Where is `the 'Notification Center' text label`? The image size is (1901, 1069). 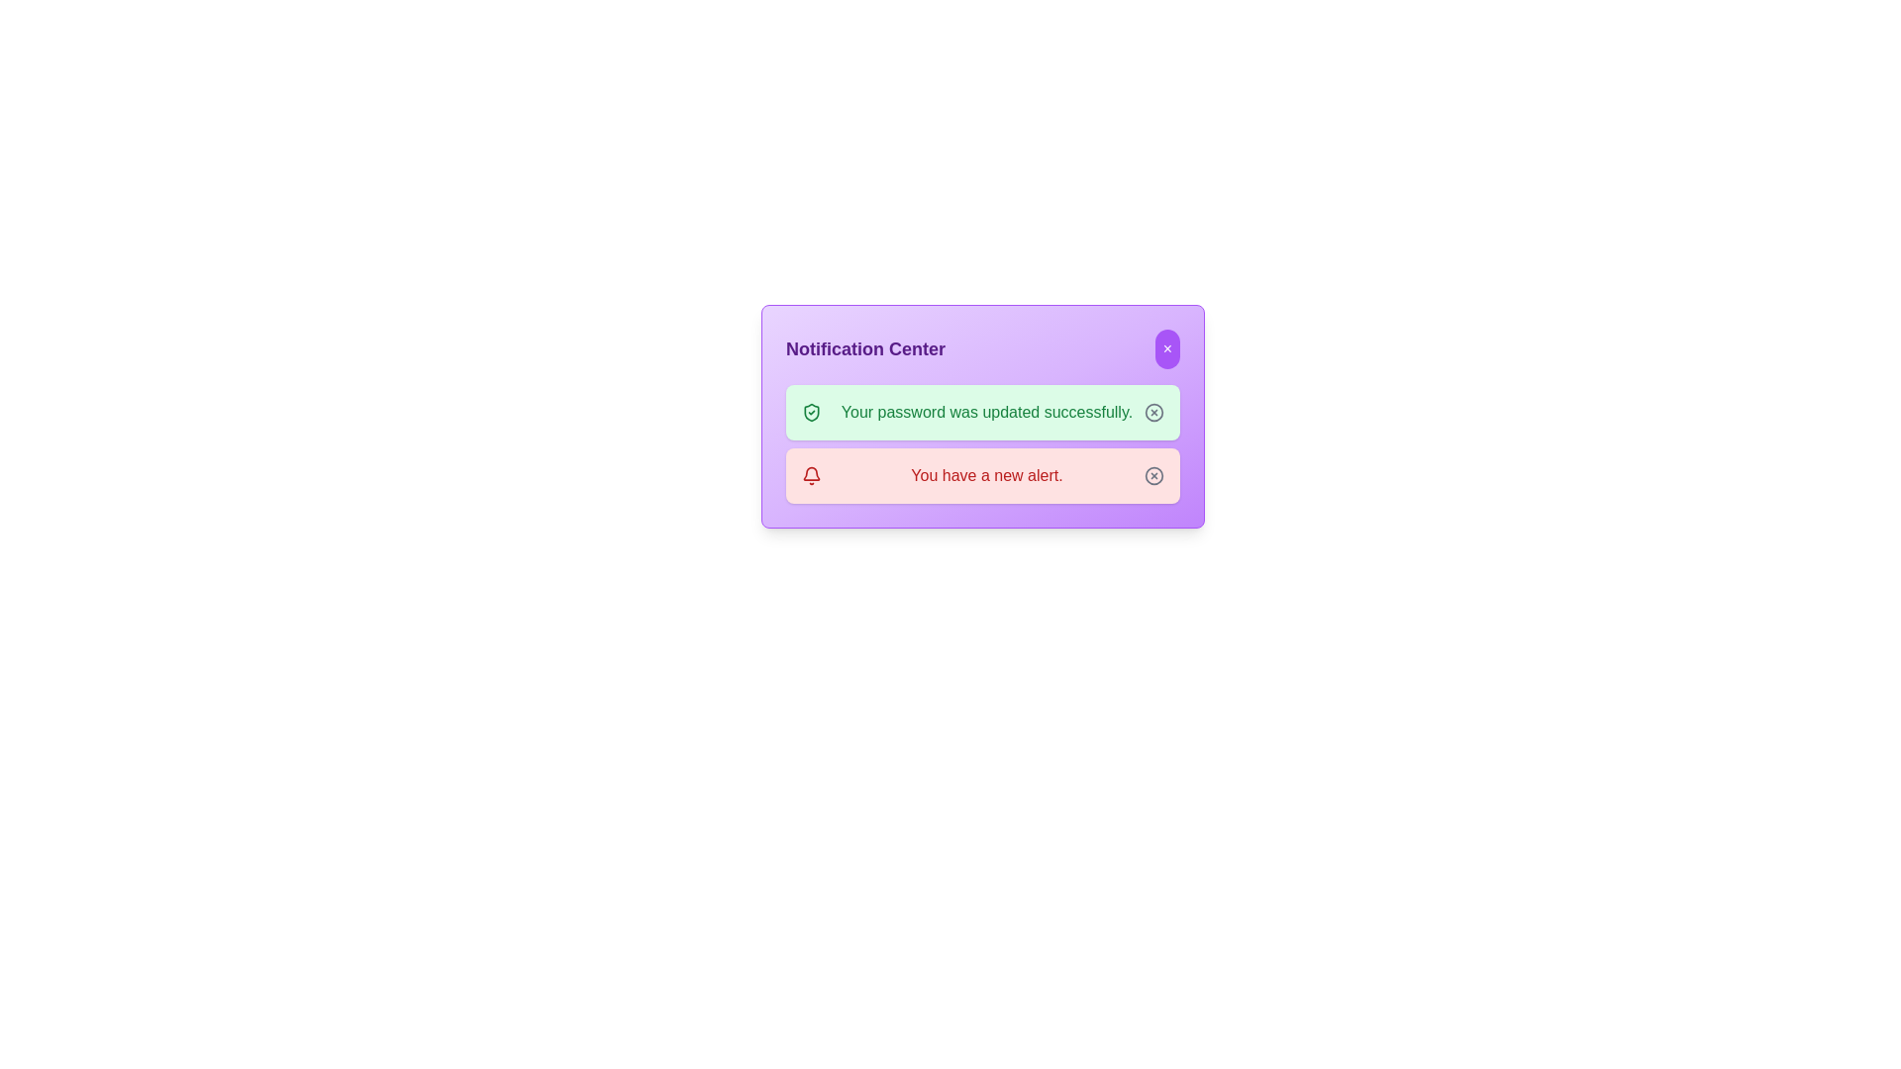 the 'Notification Center' text label is located at coordinates (865, 348).